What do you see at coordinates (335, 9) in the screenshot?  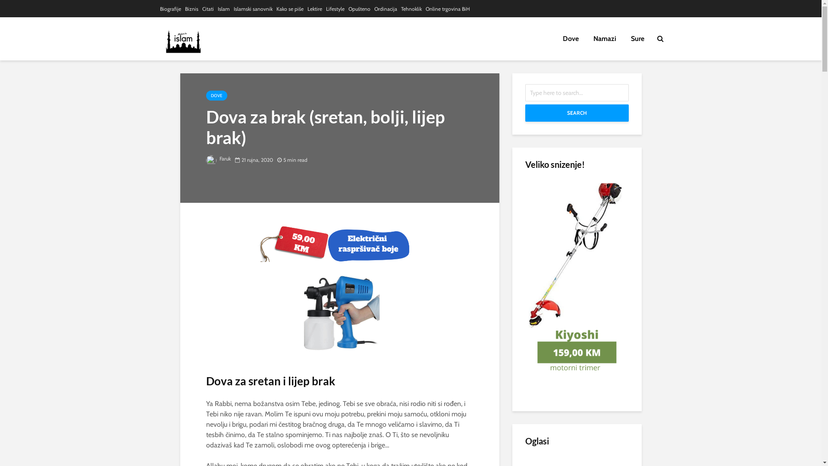 I see `'Lifestyle'` at bounding box center [335, 9].